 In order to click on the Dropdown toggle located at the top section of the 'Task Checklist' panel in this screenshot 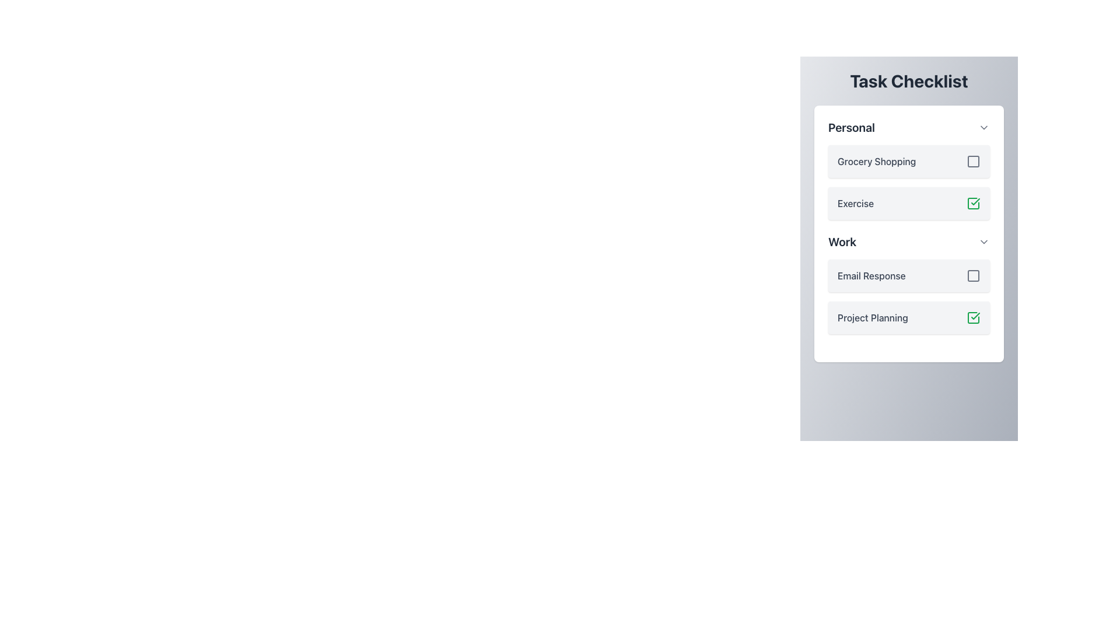, I will do `click(908, 128)`.